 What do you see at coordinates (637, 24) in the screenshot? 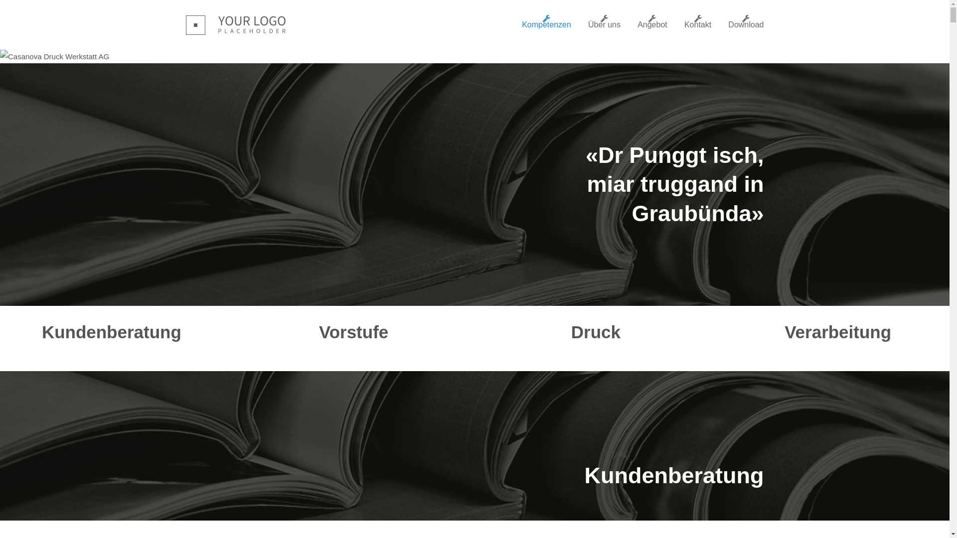
I see `'Angebot'` at bounding box center [637, 24].